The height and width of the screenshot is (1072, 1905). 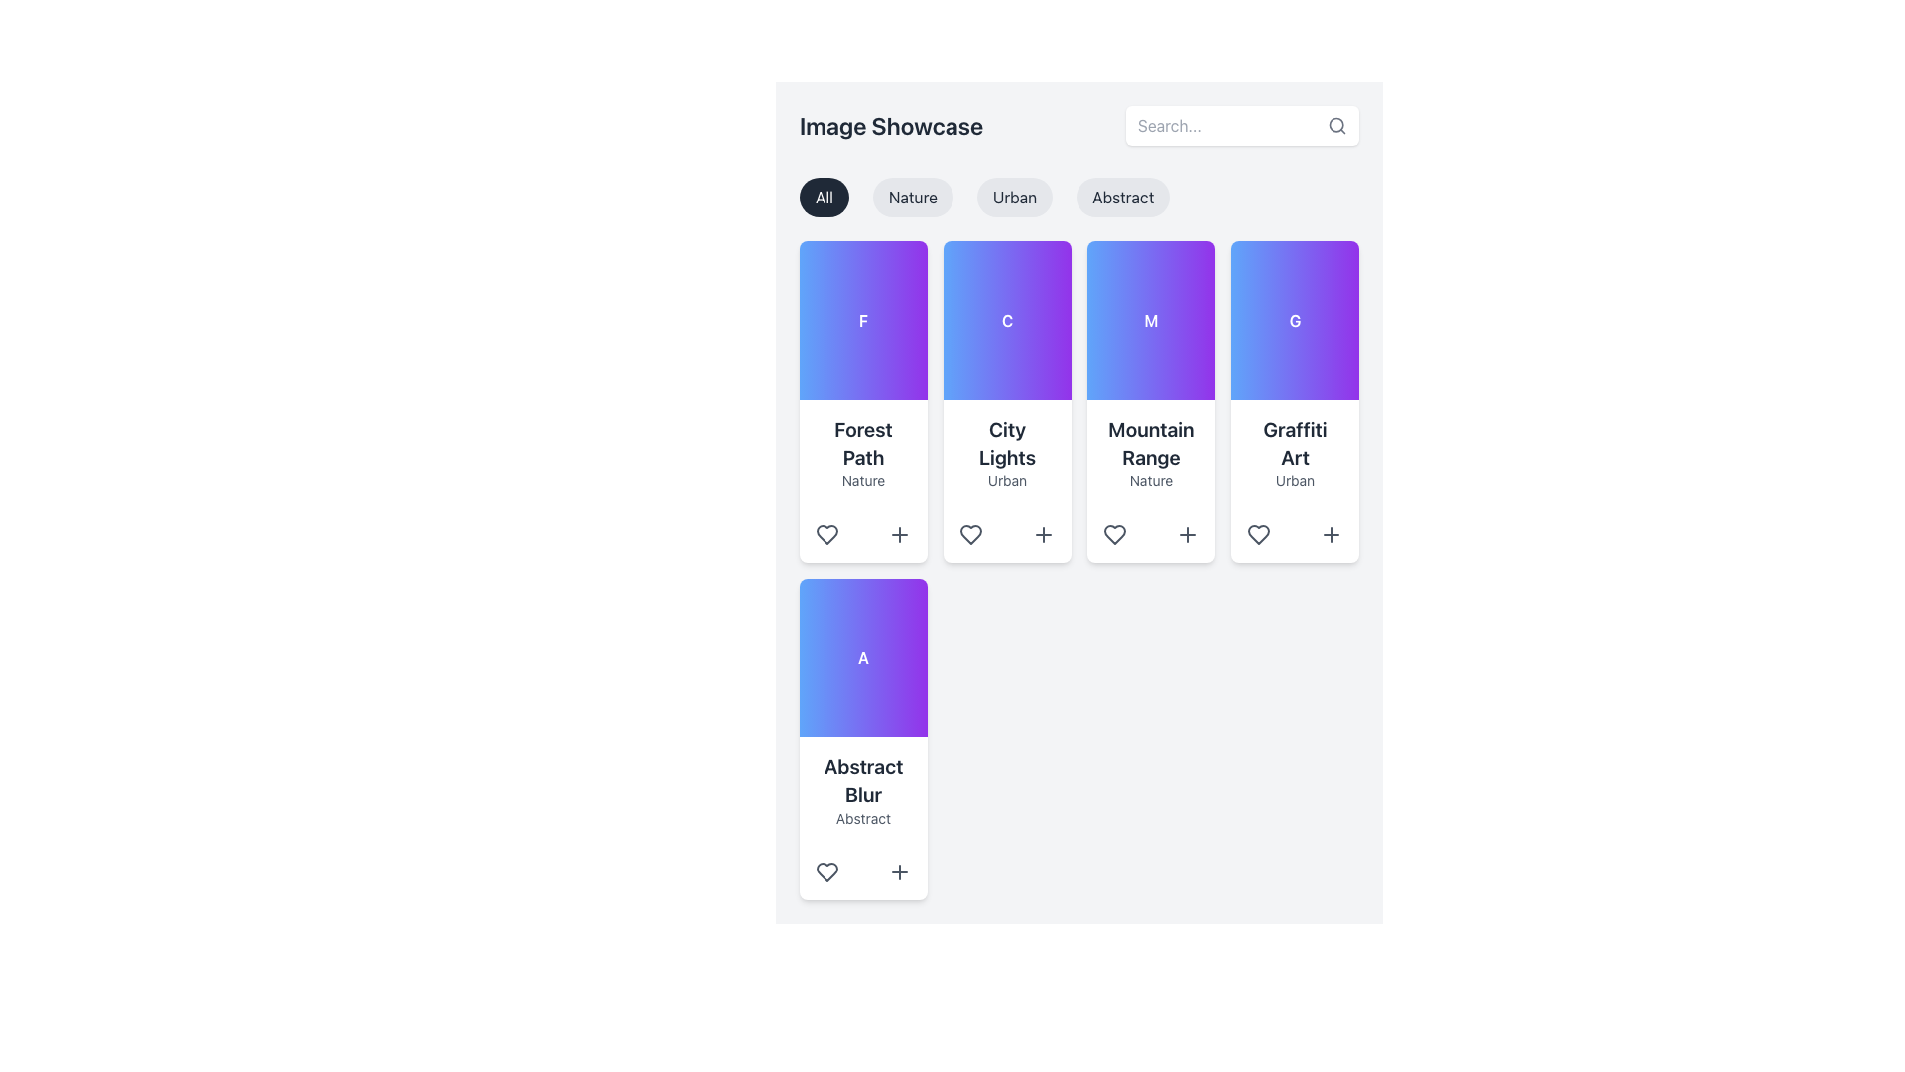 What do you see at coordinates (1151, 443) in the screenshot?
I see `text label that says 'Mountain Range', which is centrally positioned in the third card of the top row in the grid of cards` at bounding box center [1151, 443].